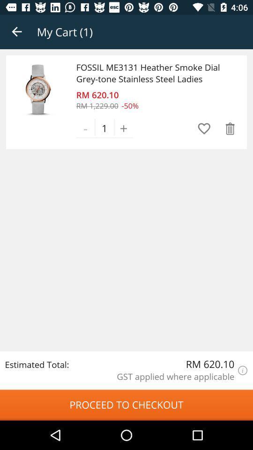  What do you see at coordinates (17, 32) in the screenshot?
I see `the item next to my cart (1) app` at bounding box center [17, 32].